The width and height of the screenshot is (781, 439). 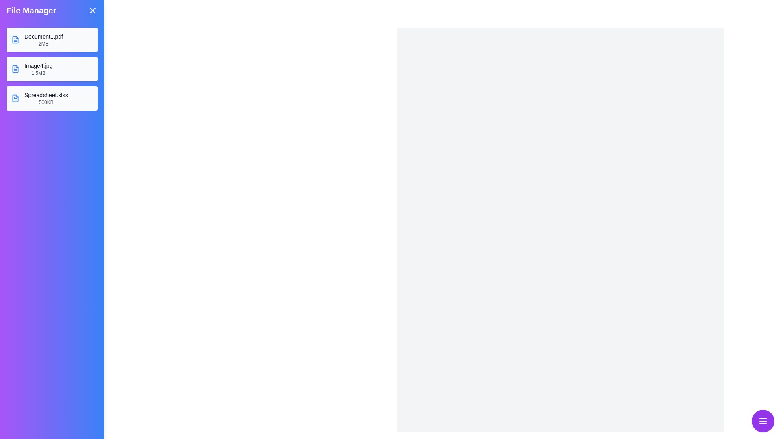 I want to click on the text block representing the file entry, which is the second item in the file manager's sidebar, so click(x=38, y=68).